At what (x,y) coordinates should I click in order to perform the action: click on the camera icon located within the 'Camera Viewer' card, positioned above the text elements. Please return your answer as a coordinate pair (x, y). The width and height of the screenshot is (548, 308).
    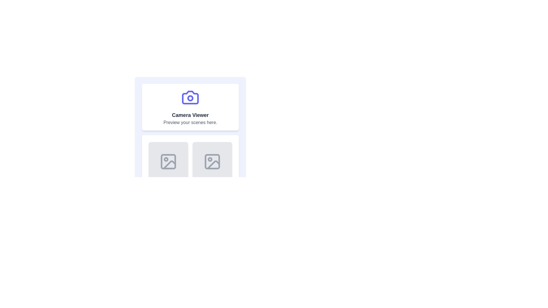
    Looking at the image, I should click on (190, 97).